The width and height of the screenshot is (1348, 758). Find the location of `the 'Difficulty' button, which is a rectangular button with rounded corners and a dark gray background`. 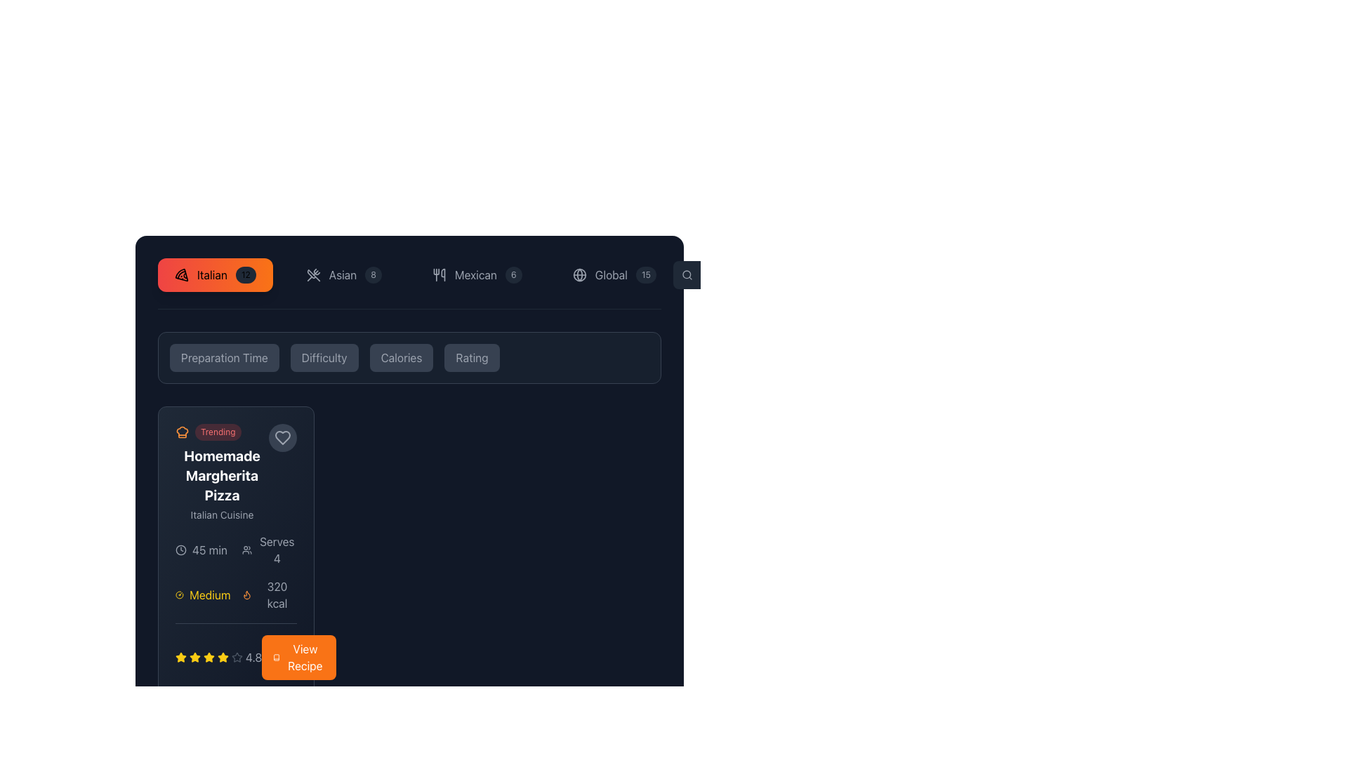

the 'Difficulty' button, which is a rectangular button with rounded corners and a dark gray background is located at coordinates (324, 357).